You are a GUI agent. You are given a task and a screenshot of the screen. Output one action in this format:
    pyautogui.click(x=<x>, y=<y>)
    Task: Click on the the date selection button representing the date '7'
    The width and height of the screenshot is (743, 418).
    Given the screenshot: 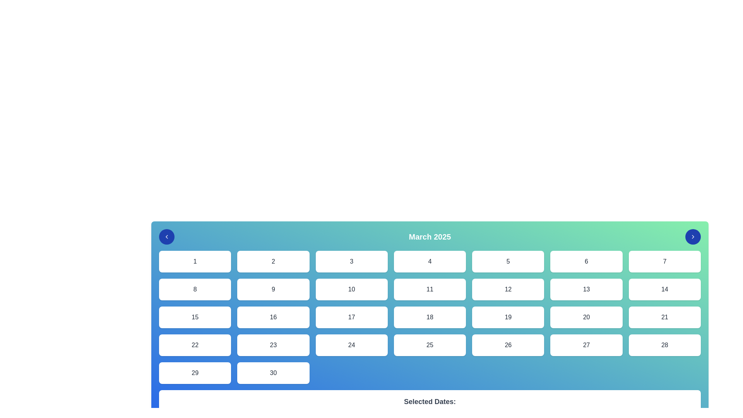 What is the action you would take?
    pyautogui.click(x=664, y=261)
    